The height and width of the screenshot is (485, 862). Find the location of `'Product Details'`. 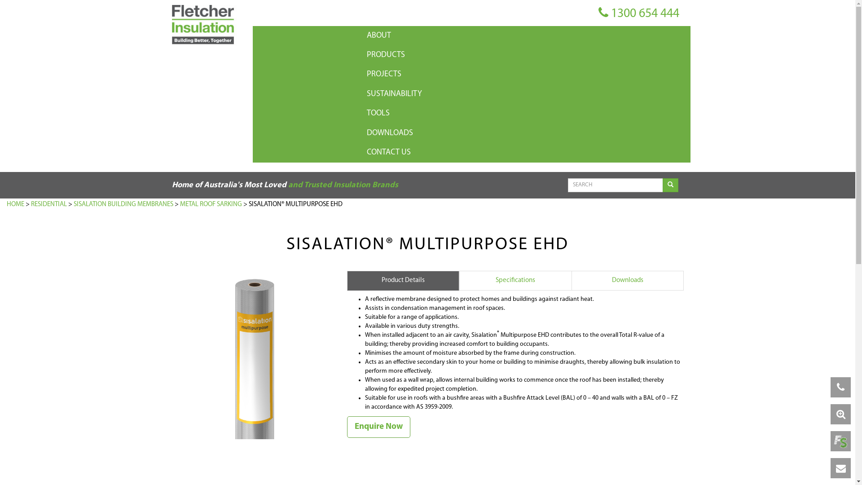

'Product Details' is located at coordinates (346, 280).